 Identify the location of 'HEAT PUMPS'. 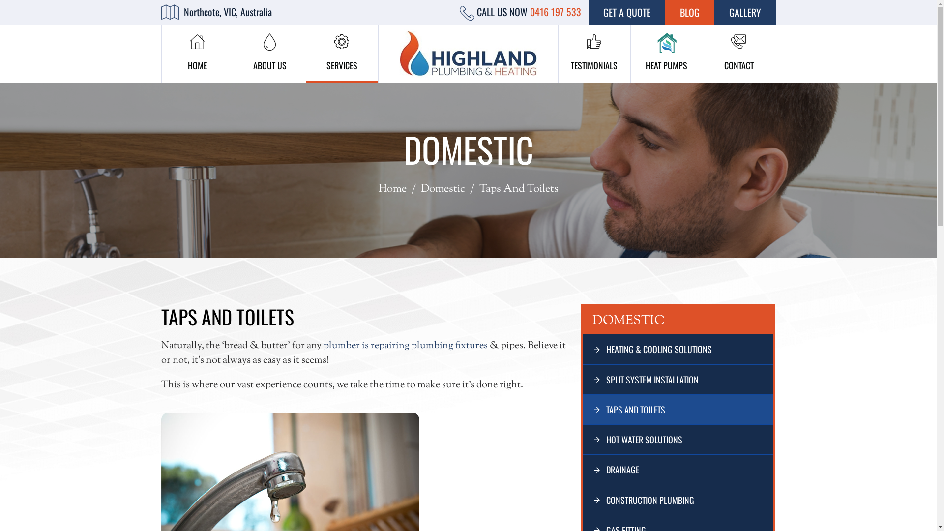
(666, 54).